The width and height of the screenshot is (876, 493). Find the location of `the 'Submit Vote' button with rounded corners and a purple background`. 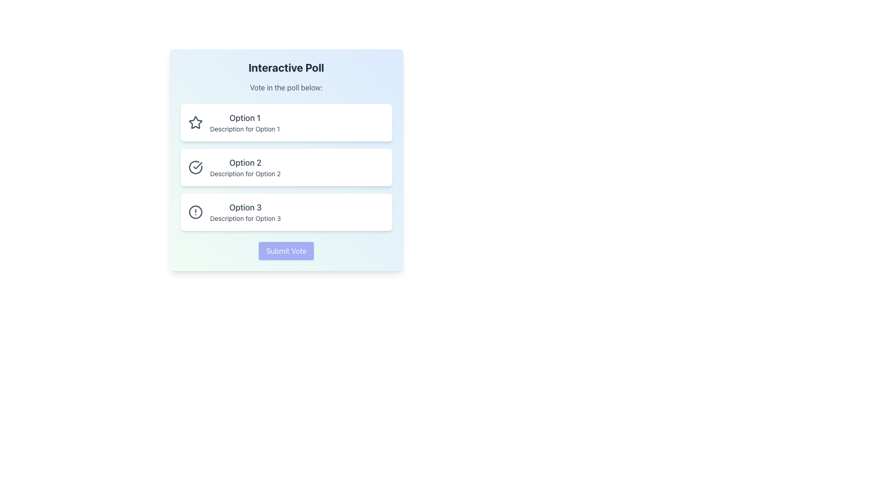

the 'Submit Vote' button with rounded corners and a purple background is located at coordinates (286, 251).